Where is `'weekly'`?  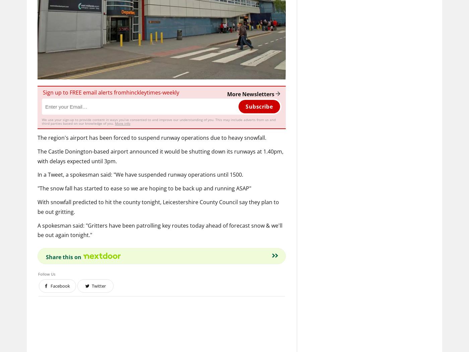 'weekly' is located at coordinates (171, 92).